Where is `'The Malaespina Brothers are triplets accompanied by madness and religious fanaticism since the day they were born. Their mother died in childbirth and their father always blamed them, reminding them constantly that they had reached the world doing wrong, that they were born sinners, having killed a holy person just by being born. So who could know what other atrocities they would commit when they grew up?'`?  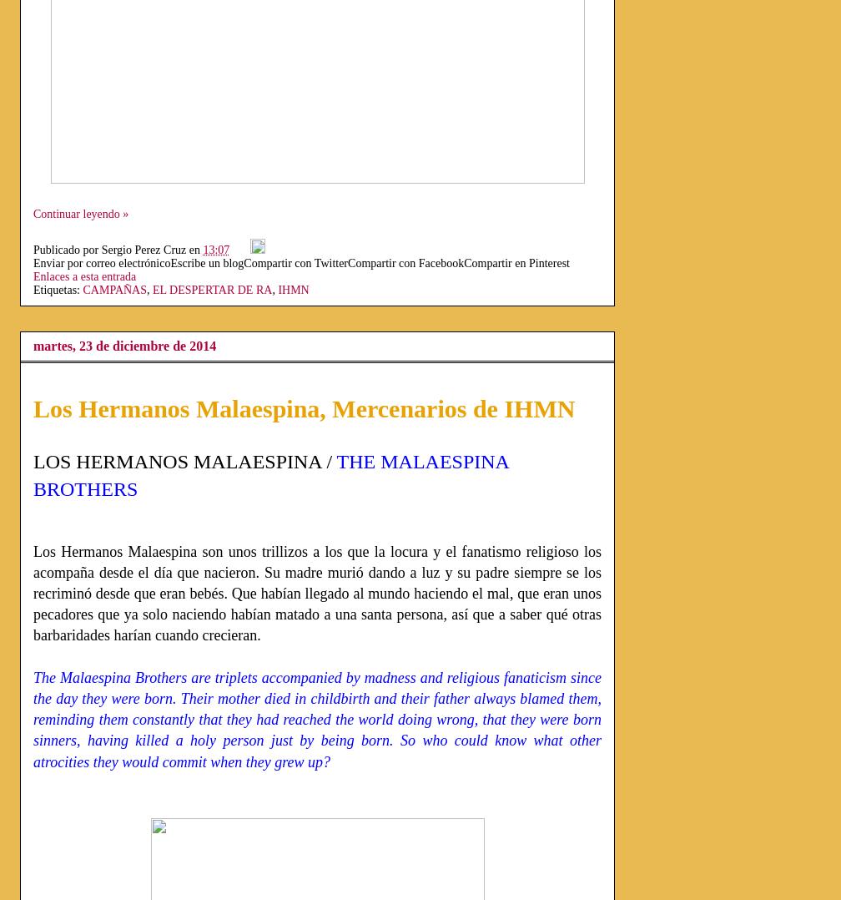
'The Malaespina Brothers are triplets accompanied by madness and religious fanaticism since the day they were born. Their mother died in childbirth and their father always blamed them, reminding them constantly that they had reached the world doing wrong, that they were born sinners, having killed a holy person just by being born. So who could know what other atrocities they would commit when they grew up?' is located at coordinates (317, 718).